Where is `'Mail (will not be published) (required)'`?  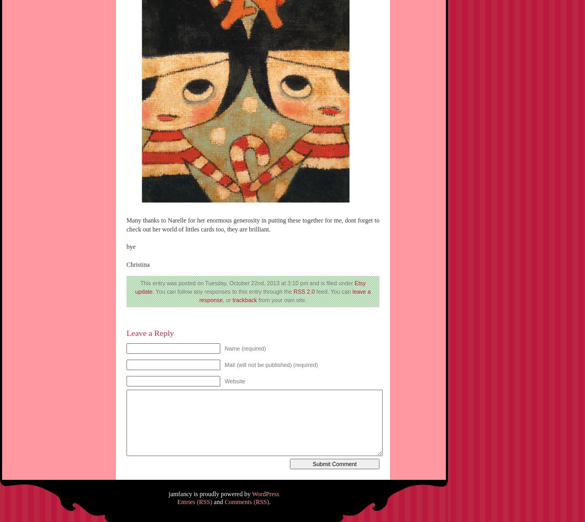
'Mail (will not be published) (required)' is located at coordinates (270, 365).